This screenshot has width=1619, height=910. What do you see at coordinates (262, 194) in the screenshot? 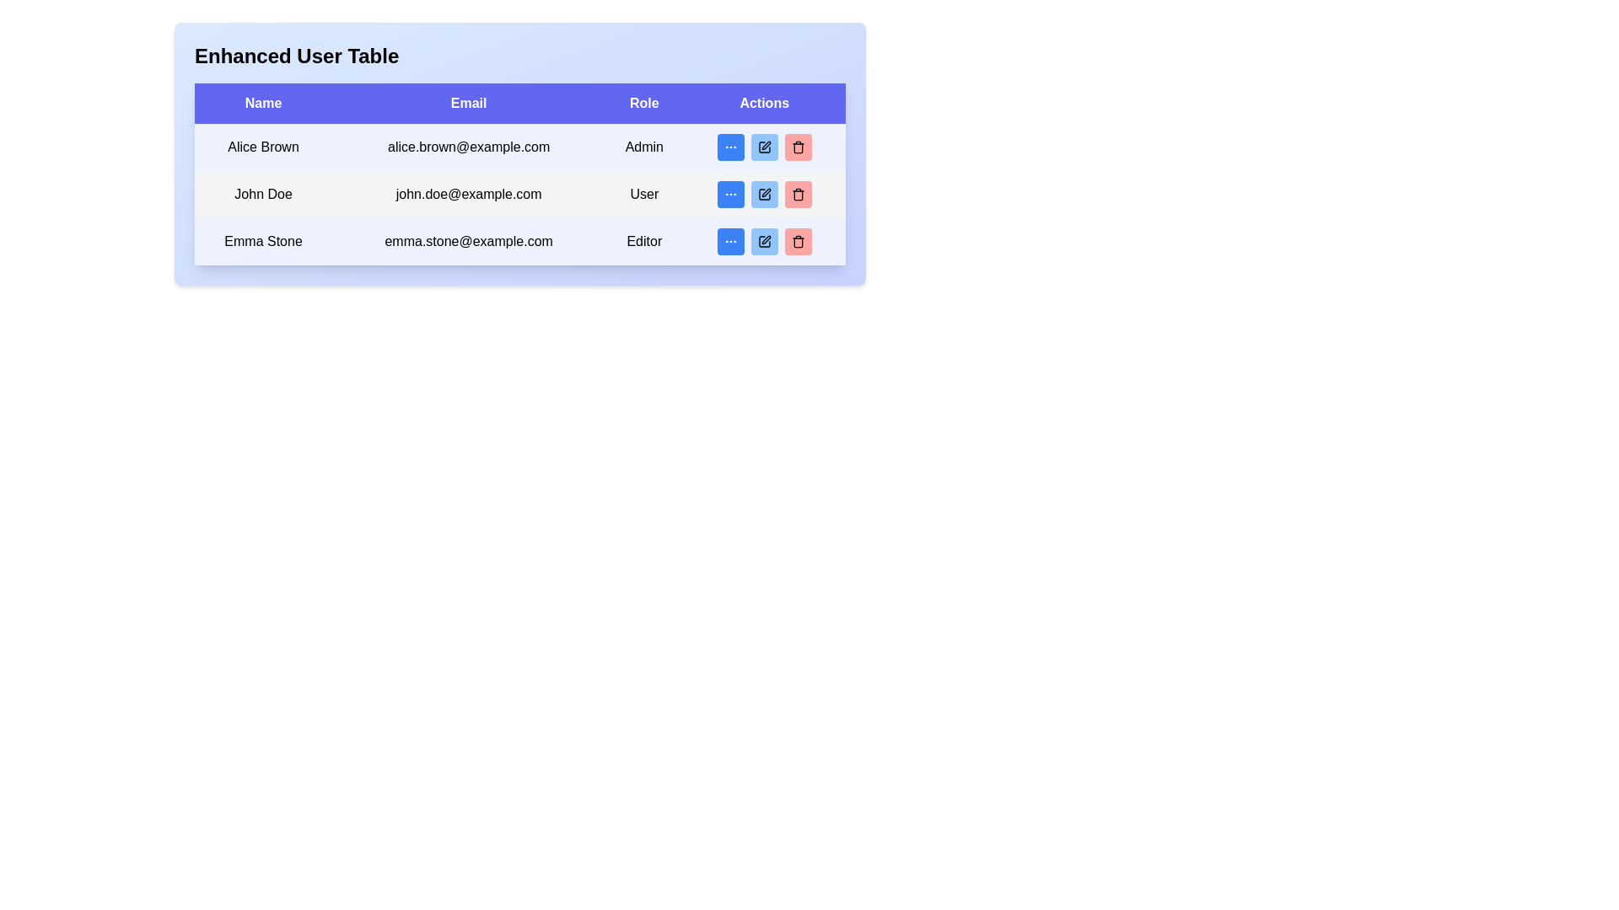
I see `the Static Text element displaying 'John Doe', which is located in the second row of a table under the 'Name' column` at bounding box center [262, 194].